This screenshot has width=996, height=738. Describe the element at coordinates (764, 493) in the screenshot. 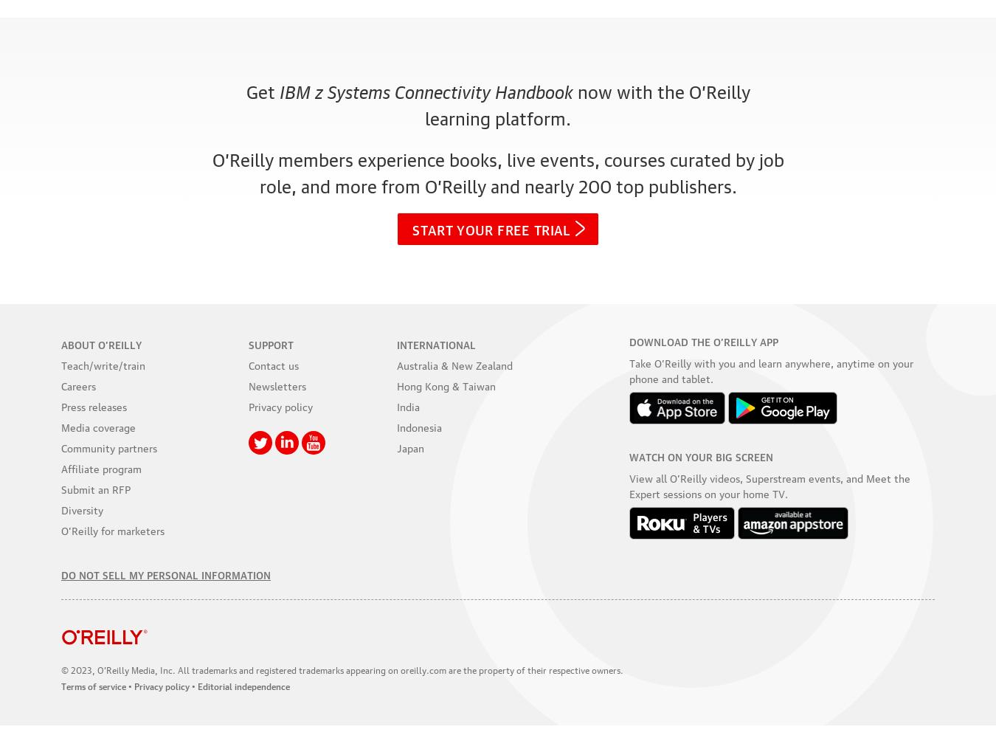

I see `'home TV.'` at that location.